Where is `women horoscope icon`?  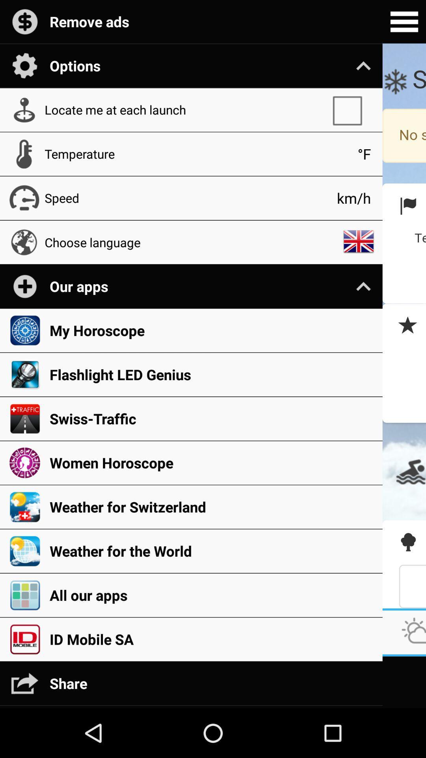 women horoscope icon is located at coordinates (211, 463).